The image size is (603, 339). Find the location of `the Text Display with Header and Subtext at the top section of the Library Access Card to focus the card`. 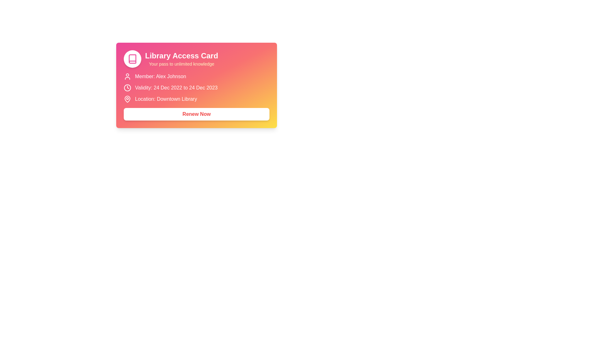

the Text Display with Header and Subtext at the top section of the Library Access Card to focus the card is located at coordinates (196, 59).